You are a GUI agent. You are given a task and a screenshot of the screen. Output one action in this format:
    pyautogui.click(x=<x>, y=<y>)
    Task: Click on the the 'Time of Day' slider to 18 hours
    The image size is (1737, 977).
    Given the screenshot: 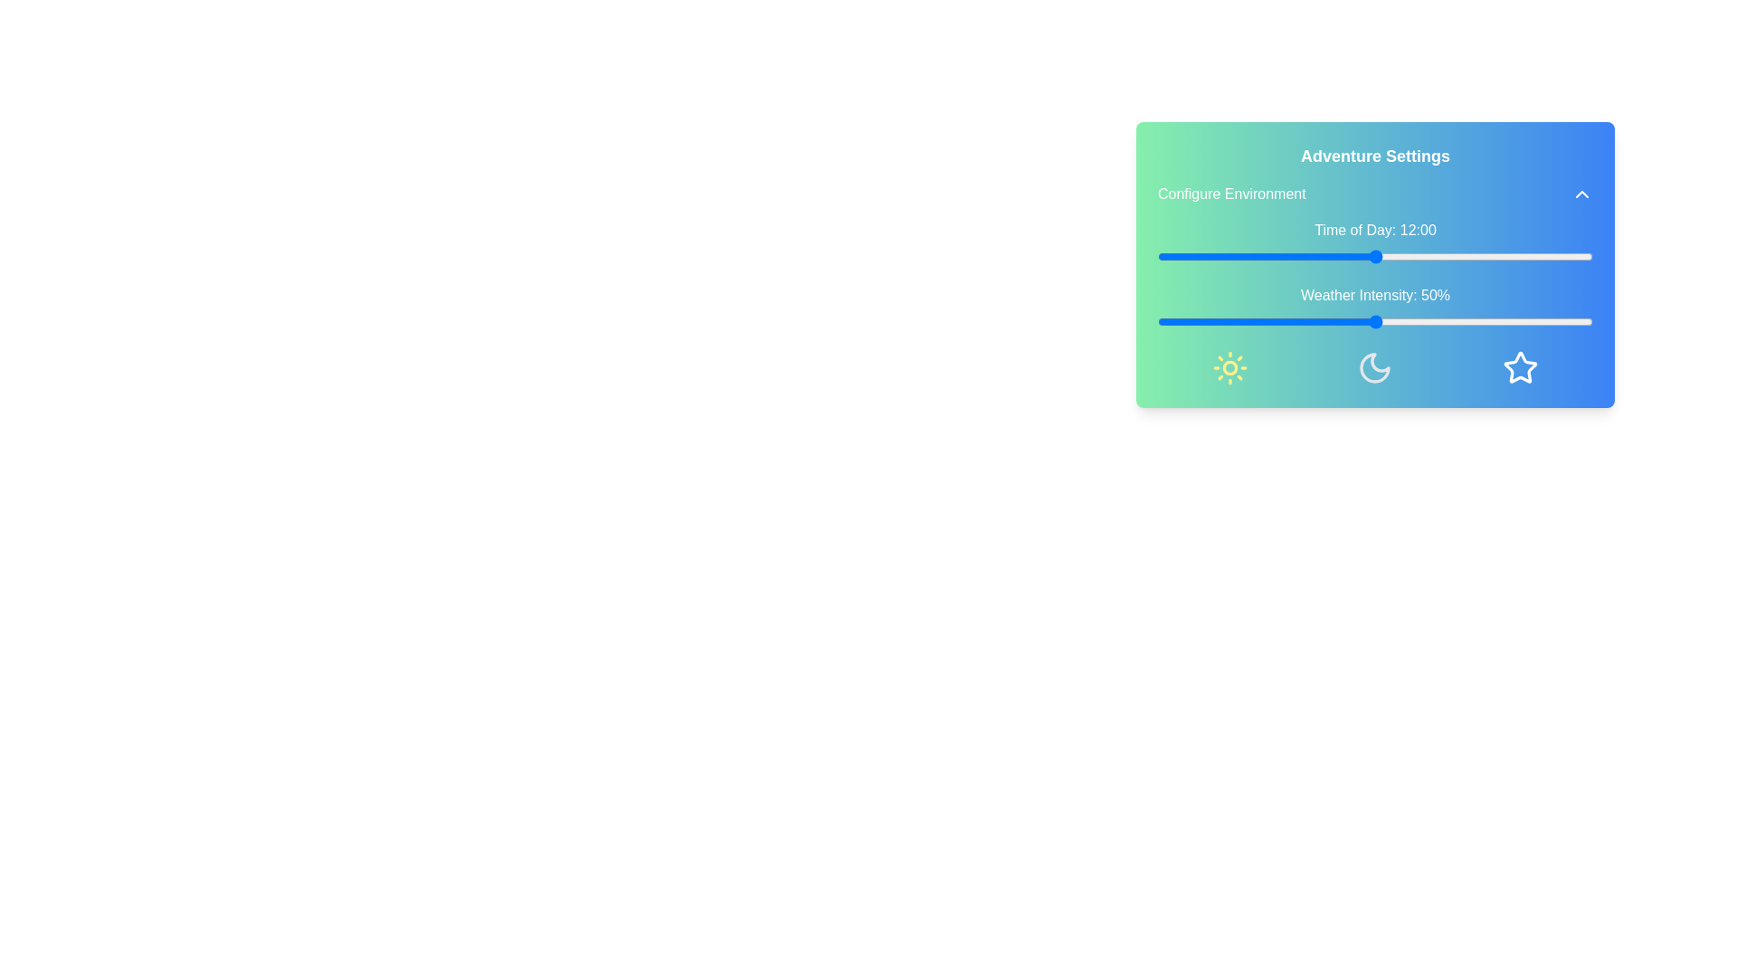 What is the action you would take?
    pyautogui.click(x=1484, y=257)
    